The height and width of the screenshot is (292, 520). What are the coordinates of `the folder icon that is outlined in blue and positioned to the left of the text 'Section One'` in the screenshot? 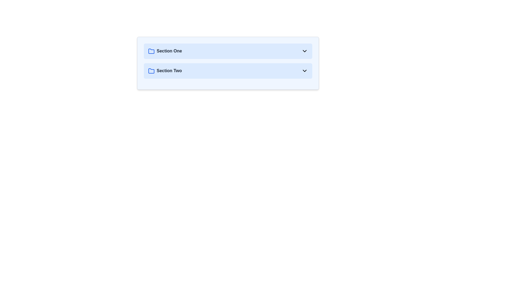 It's located at (151, 51).